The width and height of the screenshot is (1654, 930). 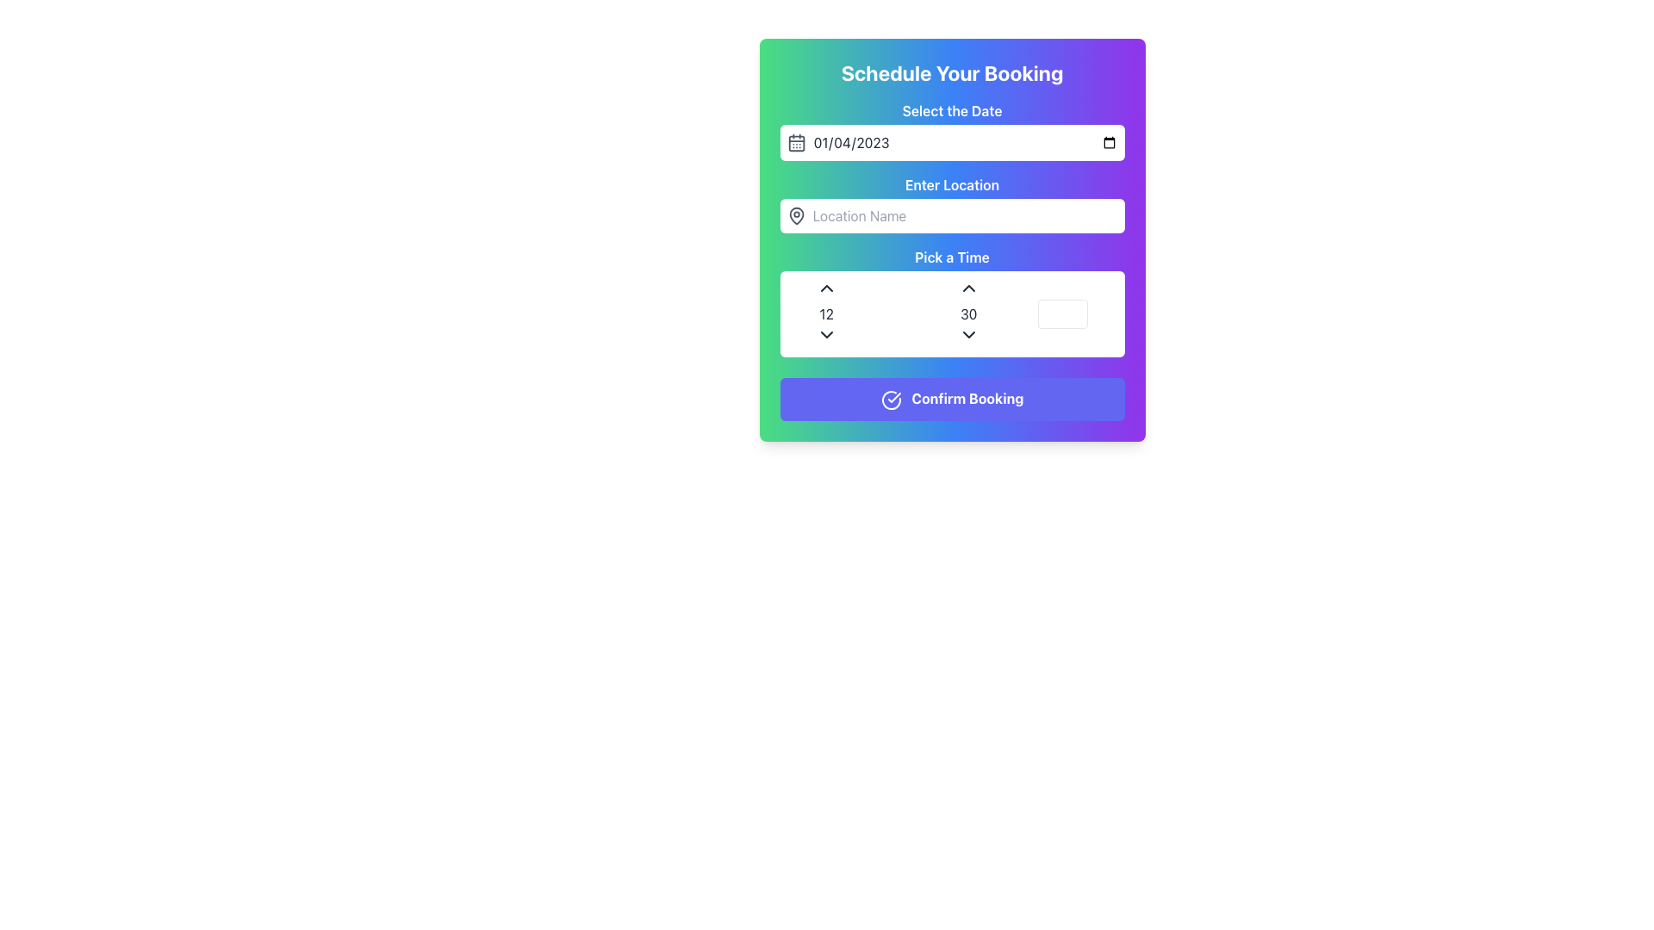 What do you see at coordinates (951, 71) in the screenshot?
I see `the prominent header text 'Schedule Your Booking', which is styled with bold font and larger text size at the top of a colorful gradient card` at bounding box center [951, 71].